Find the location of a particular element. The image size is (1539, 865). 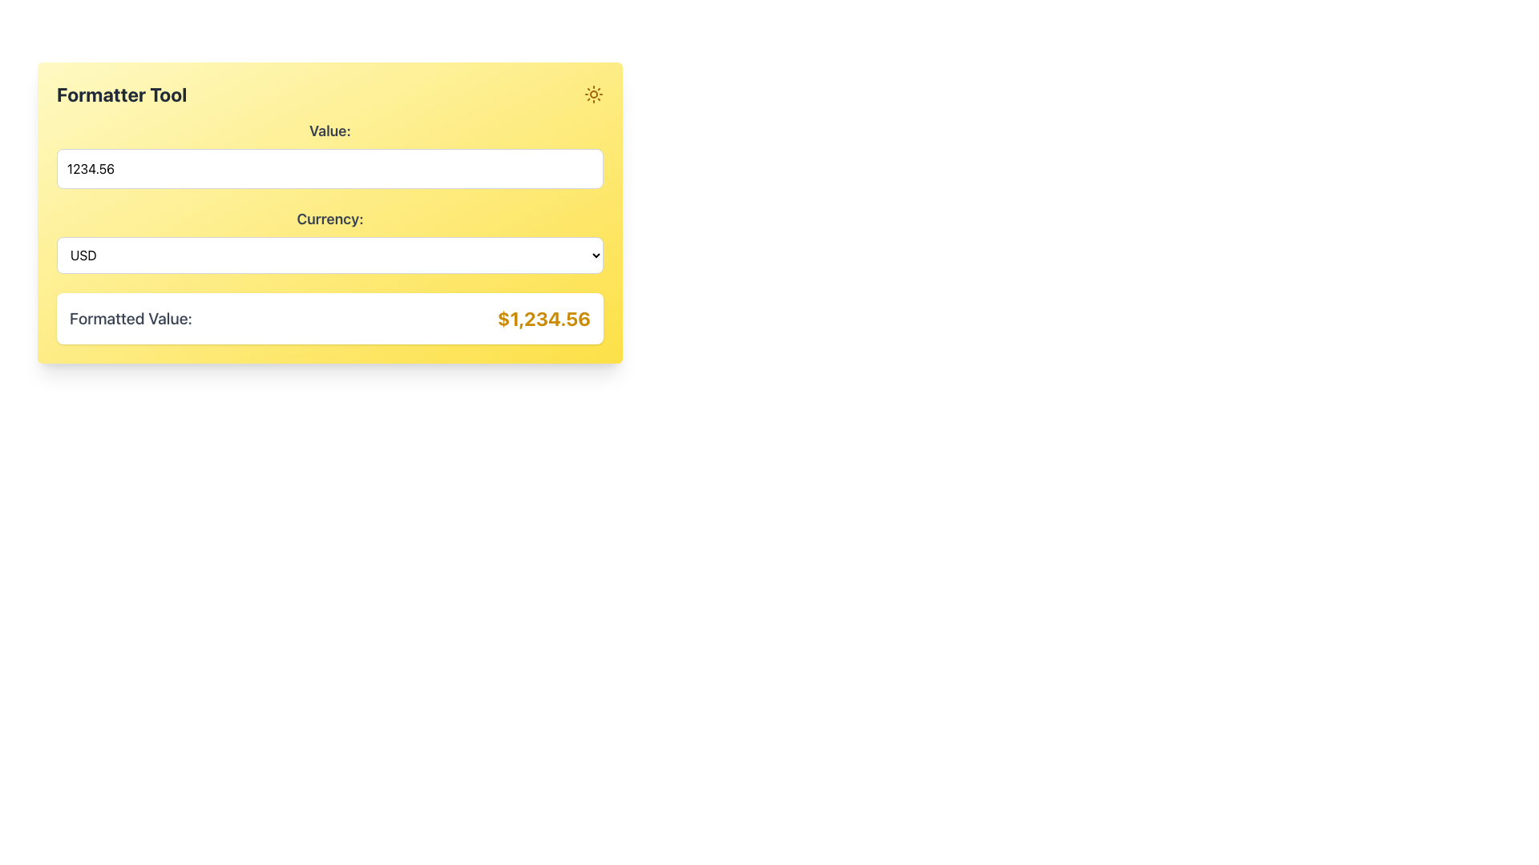

the bold, large-sized text label displaying the monetary value '$1,234.56' in yellow, which is positioned adjacent to the 'Formatted Value:' label is located at coordinates (543, 318).